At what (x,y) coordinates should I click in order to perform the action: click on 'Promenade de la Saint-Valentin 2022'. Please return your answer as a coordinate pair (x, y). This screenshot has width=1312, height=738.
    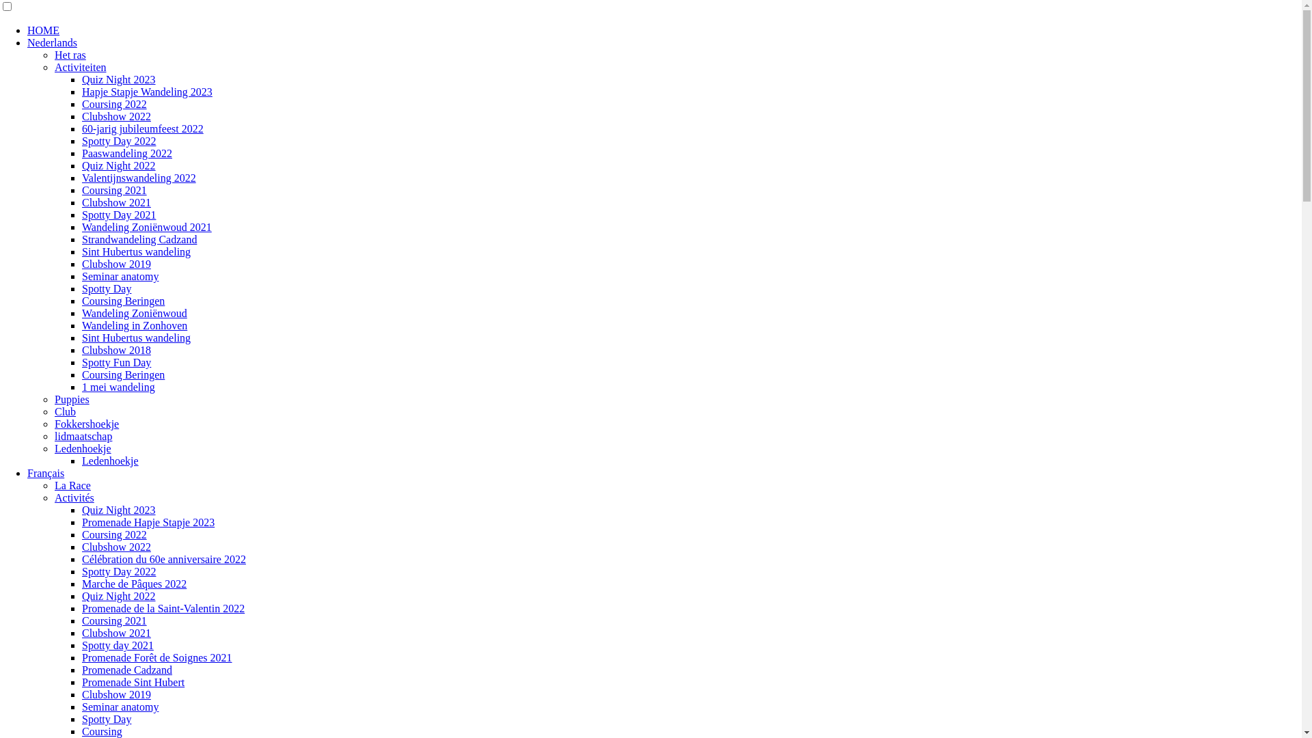
    Looking at the image, I should click on (163, 607).